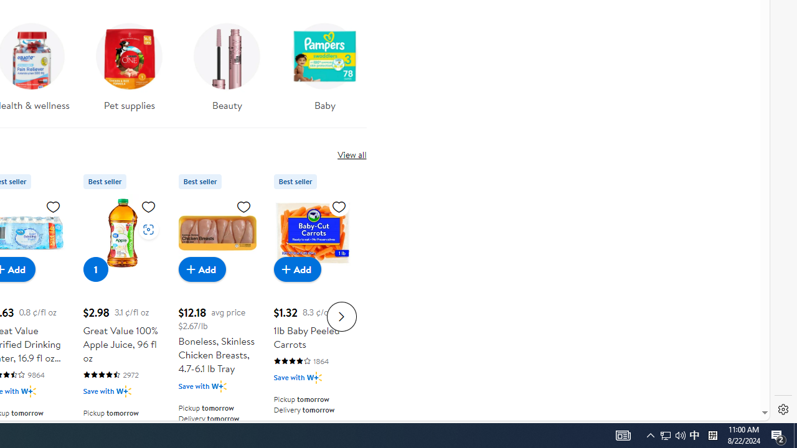  Describe the element at coordinates (351, 154) in the screenshot. I see `'View all'` at that location.